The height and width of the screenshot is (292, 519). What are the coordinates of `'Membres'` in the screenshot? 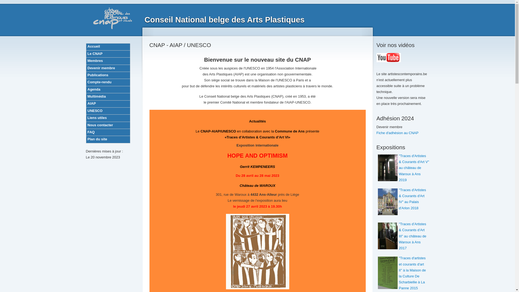 It's located at (85, 61).